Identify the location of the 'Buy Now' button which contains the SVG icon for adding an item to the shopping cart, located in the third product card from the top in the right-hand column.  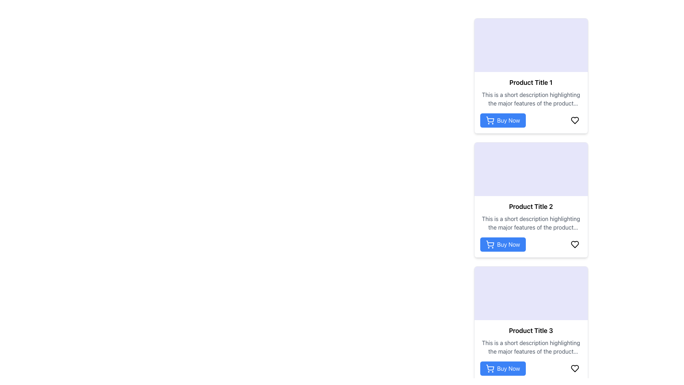
(489, 368).